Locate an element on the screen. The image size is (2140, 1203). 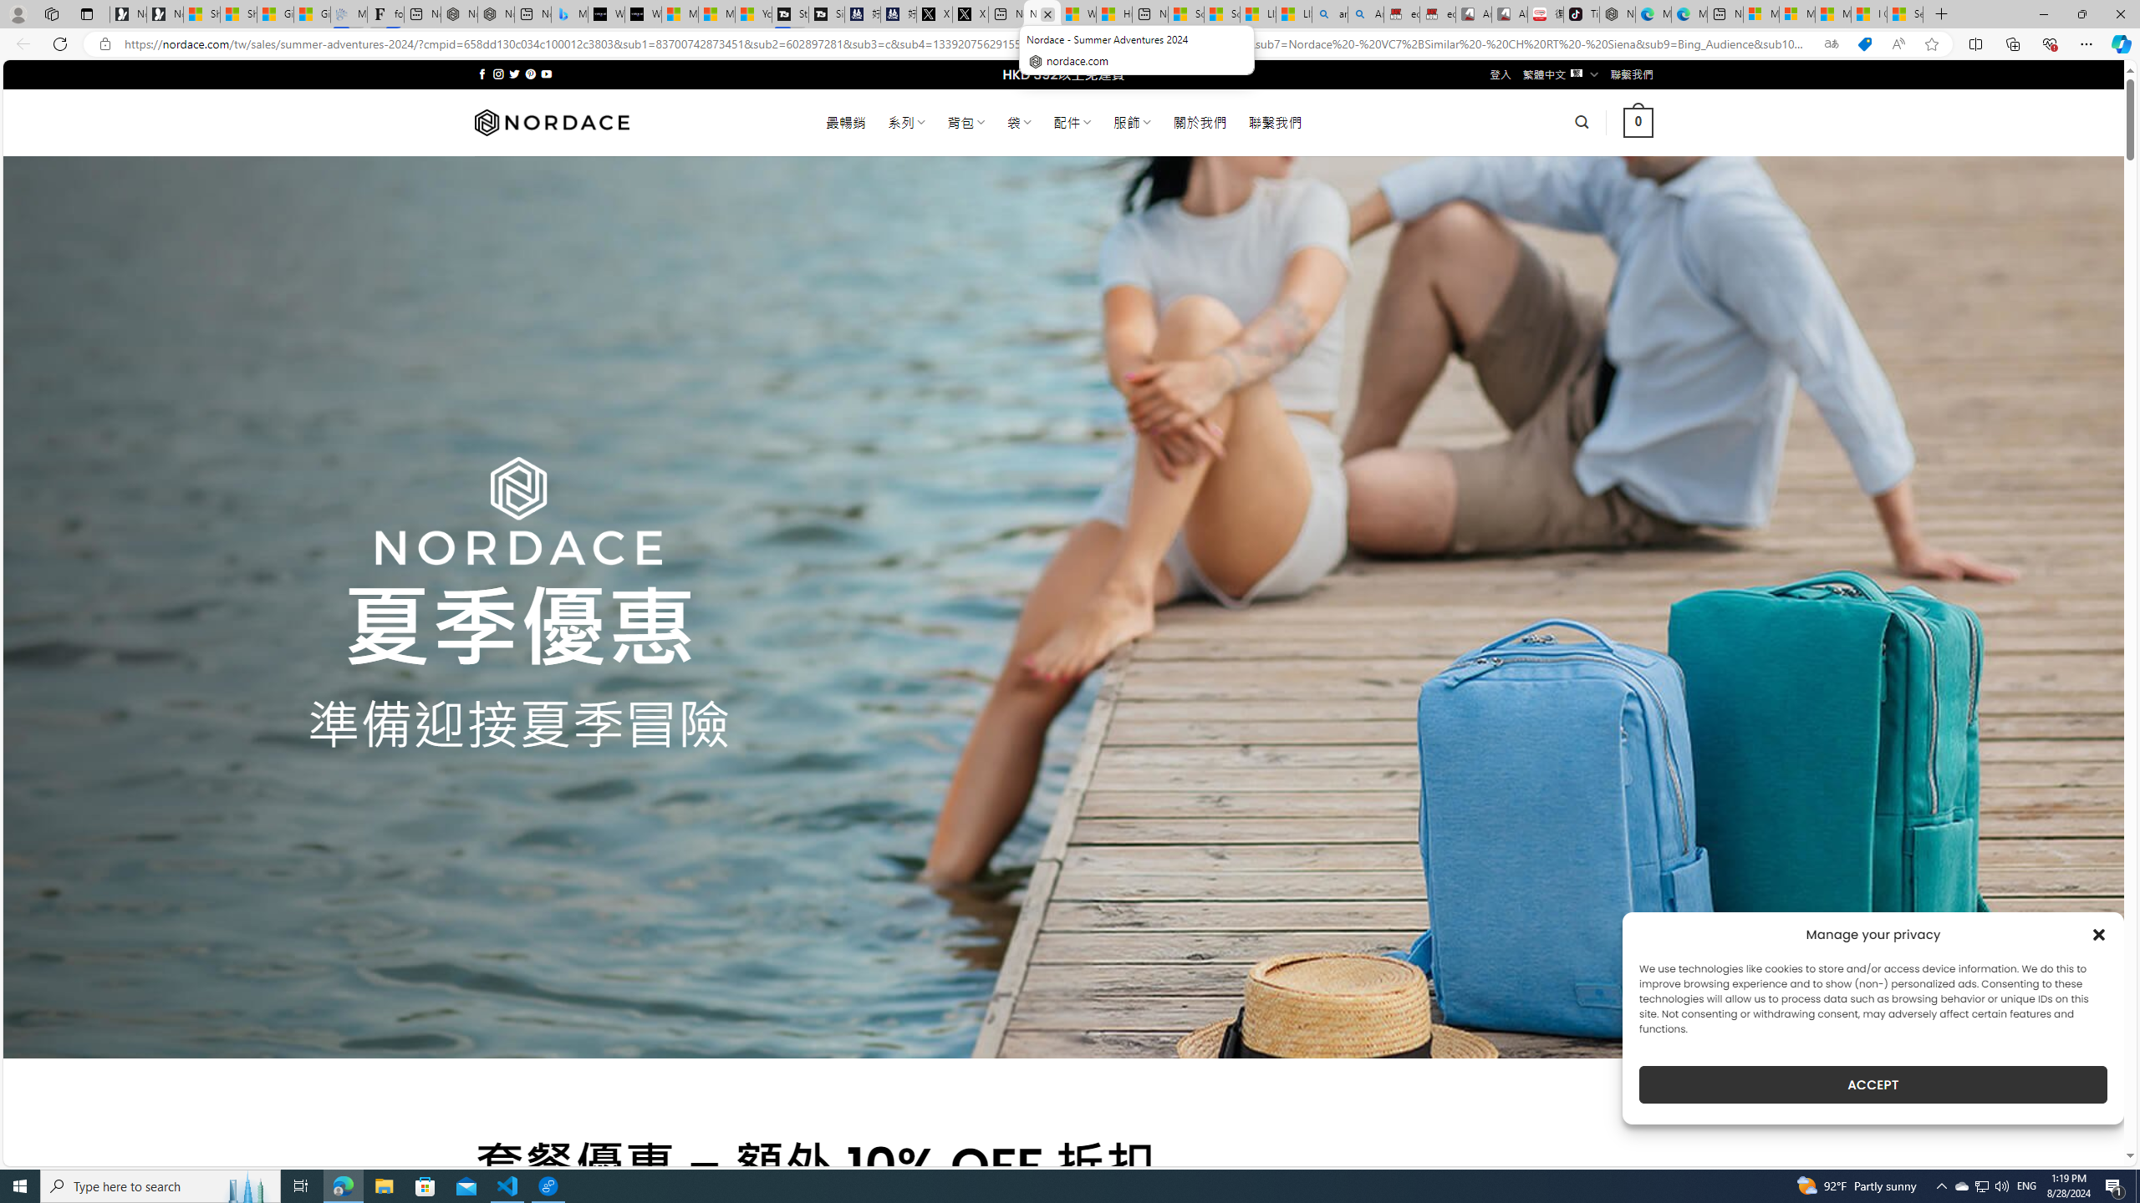
'  0  ' is located at coordinates (1638, 121).